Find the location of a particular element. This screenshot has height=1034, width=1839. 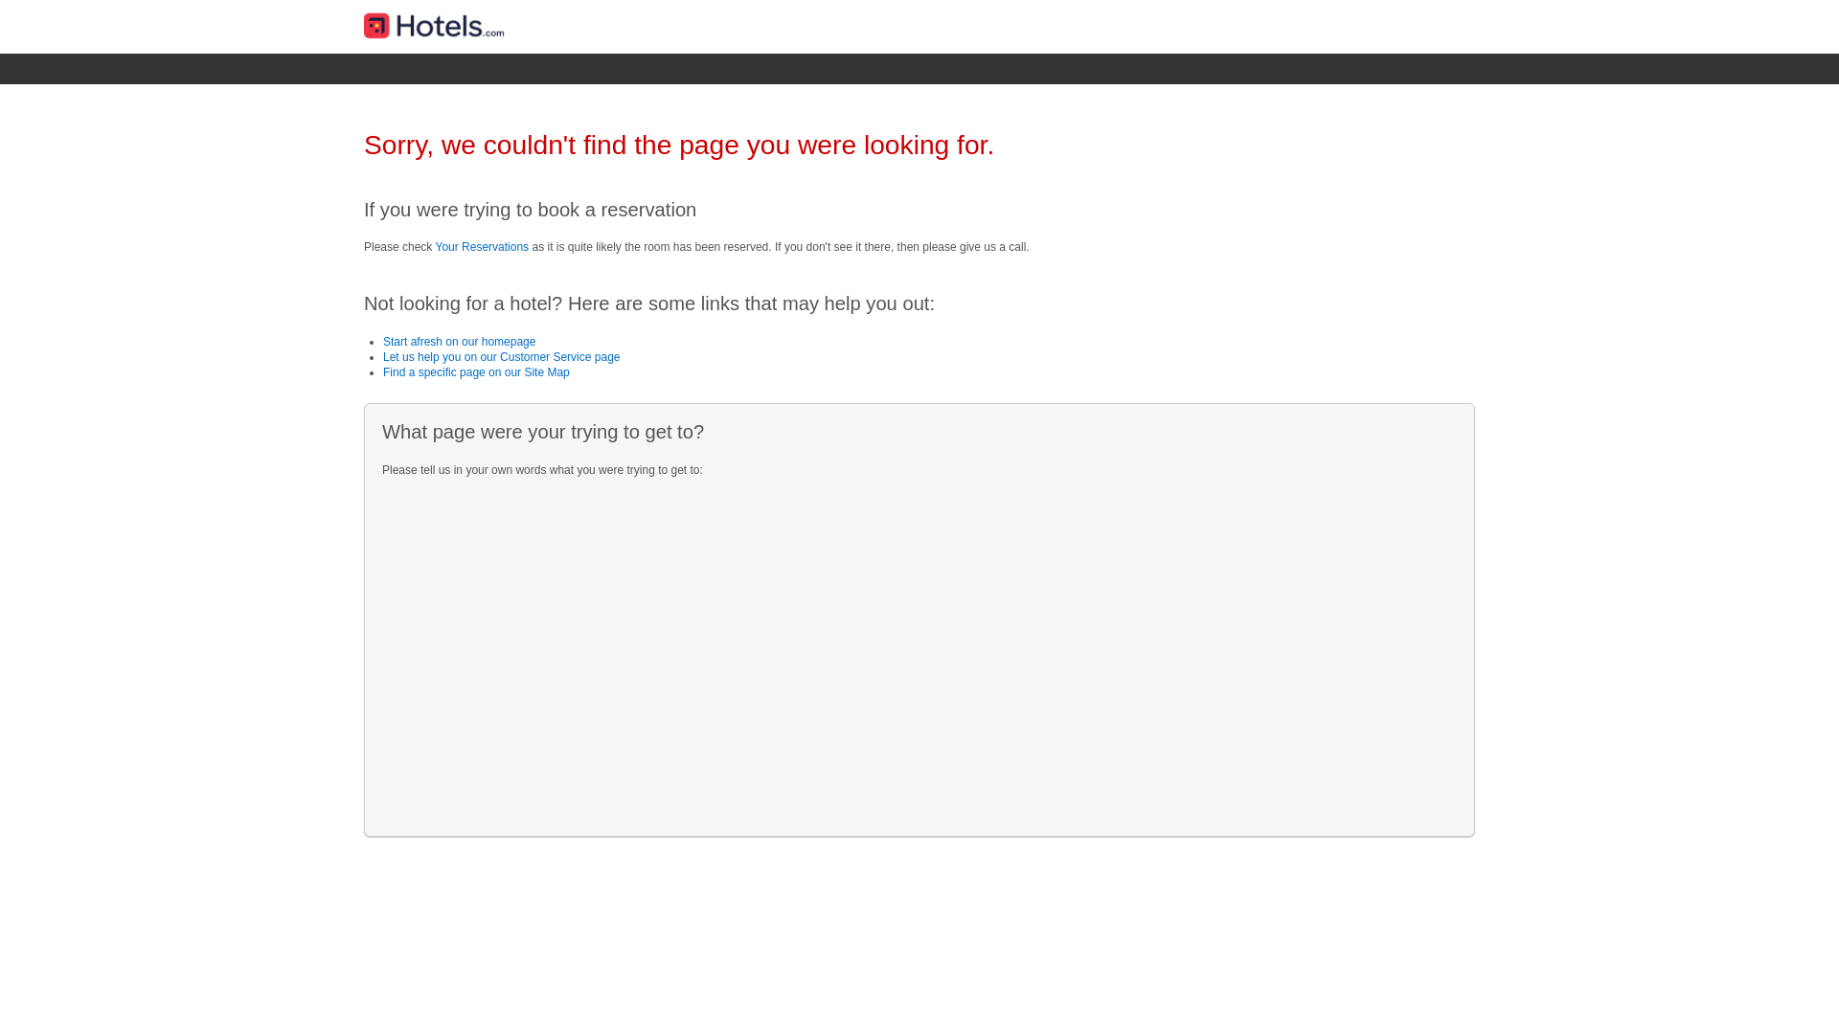

'Your Reservations' is located at coordinates (482, 246).